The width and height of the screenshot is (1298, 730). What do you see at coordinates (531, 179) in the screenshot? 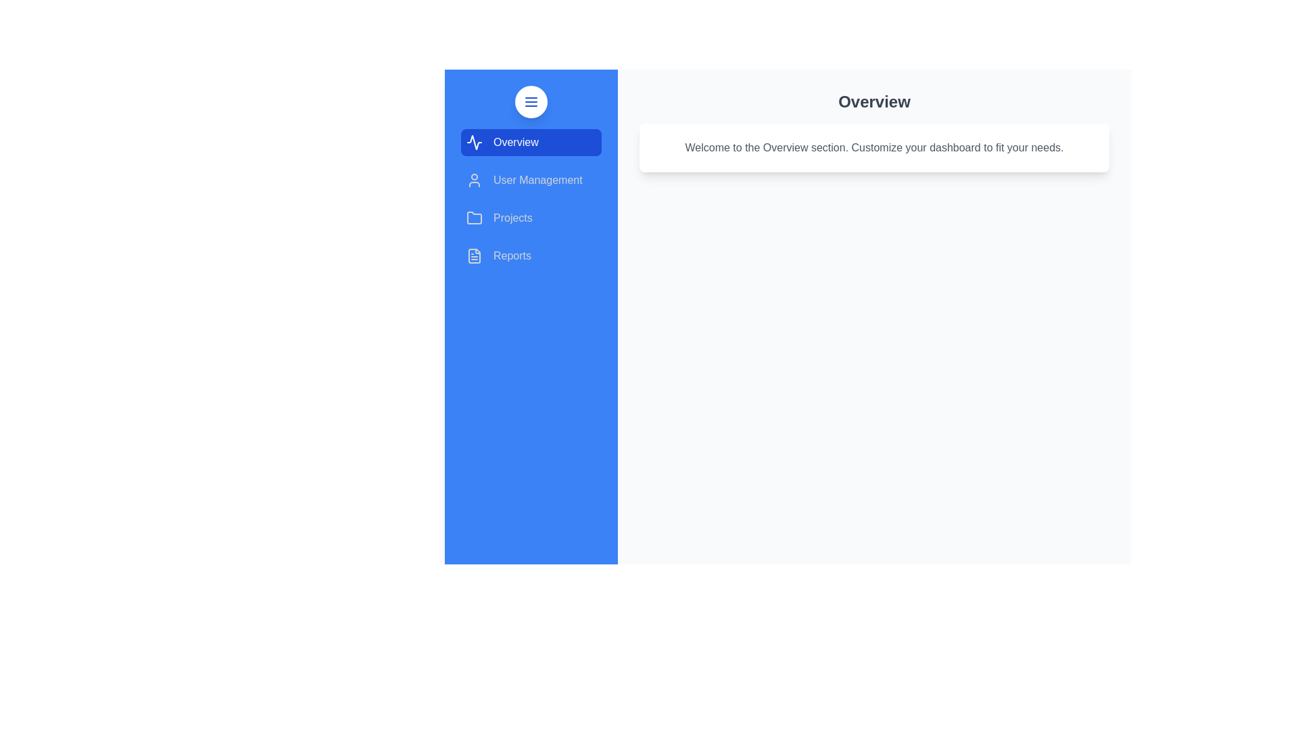
I see `the sidebar item corresponding to User Management` at bounding box center [531, 179].